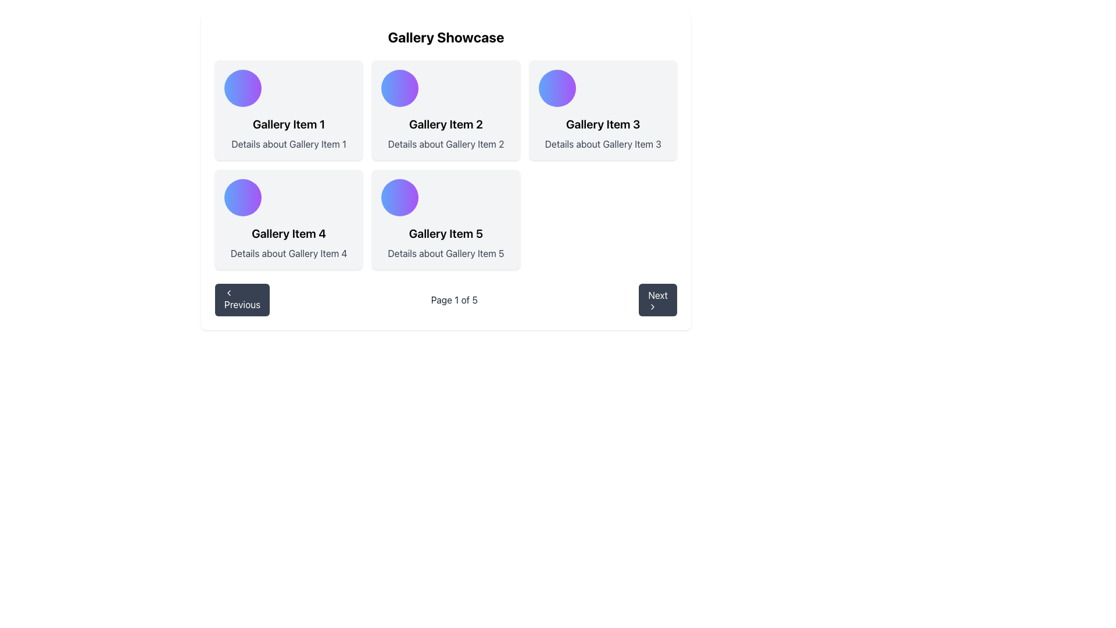  I want to click on title text of the second card in a row of three cards, located in the top-middle of the grid layout, so click(445, 124).